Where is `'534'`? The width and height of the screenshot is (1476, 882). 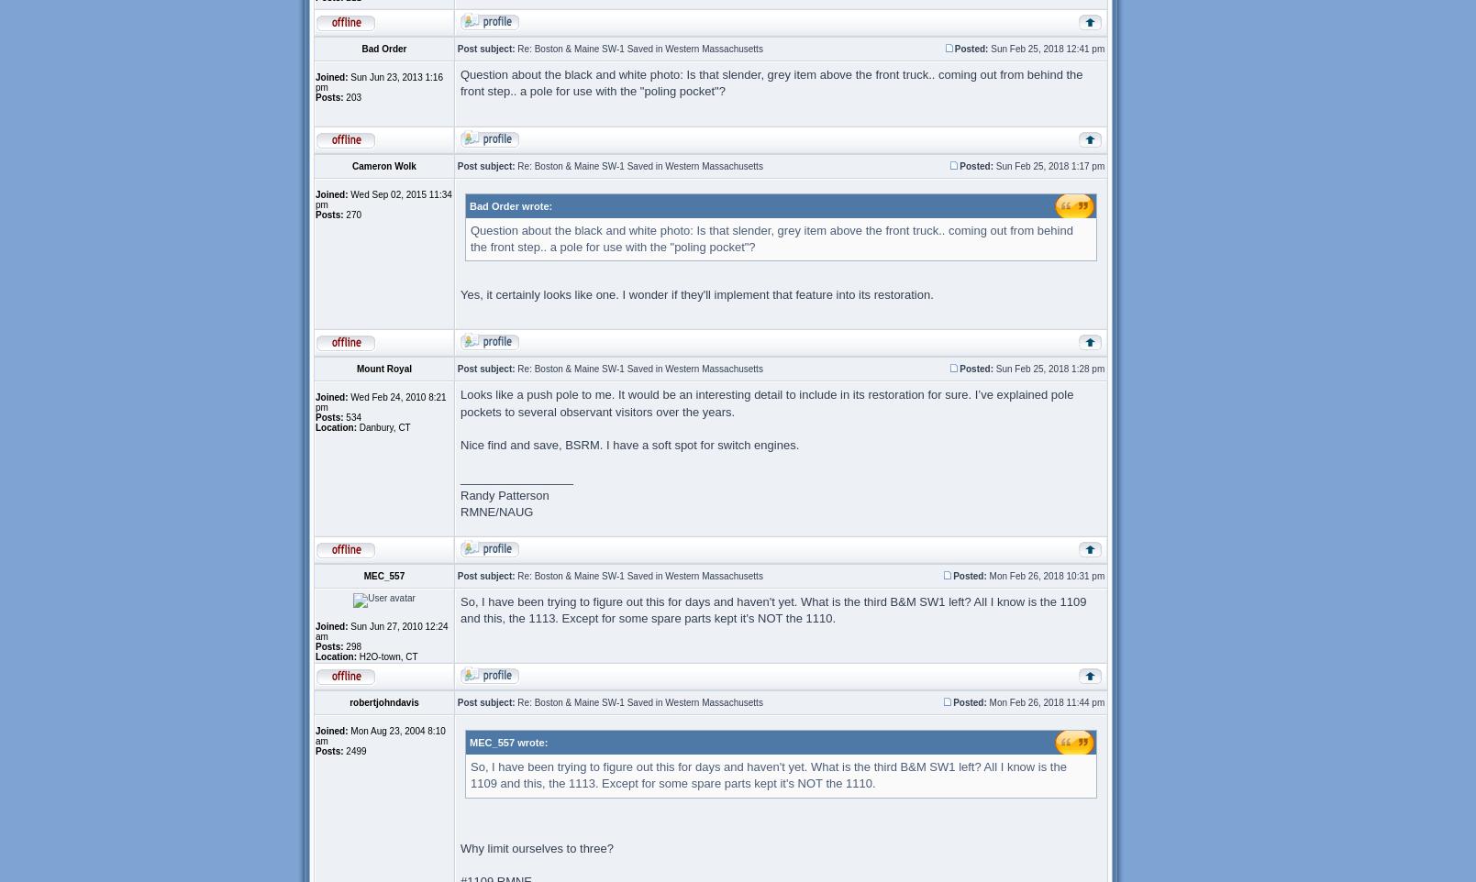 '534' is located at coordinates (351, 417).